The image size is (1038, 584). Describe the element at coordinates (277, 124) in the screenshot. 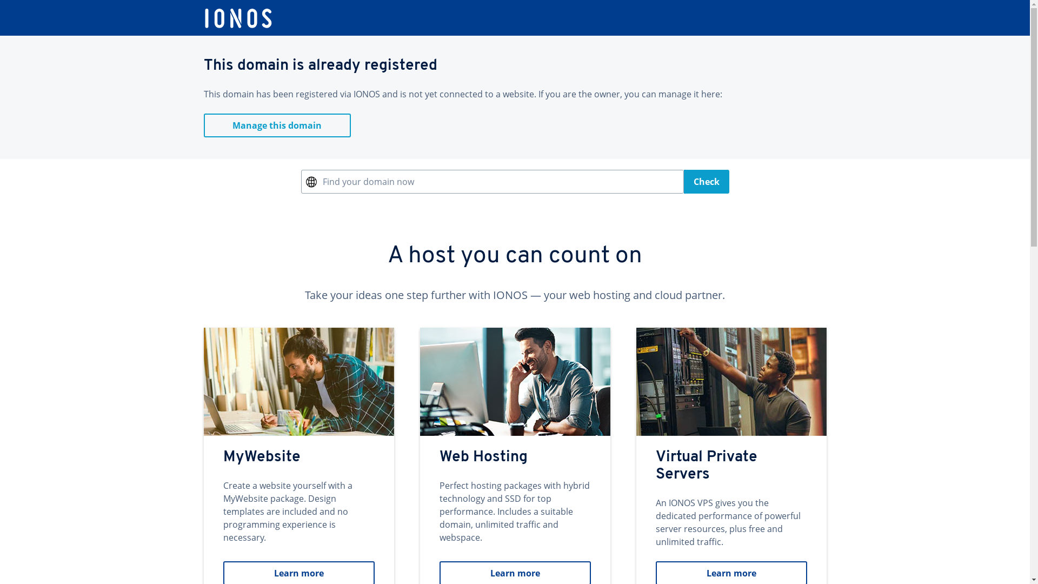

I see `'Manage this domain'` at that location.